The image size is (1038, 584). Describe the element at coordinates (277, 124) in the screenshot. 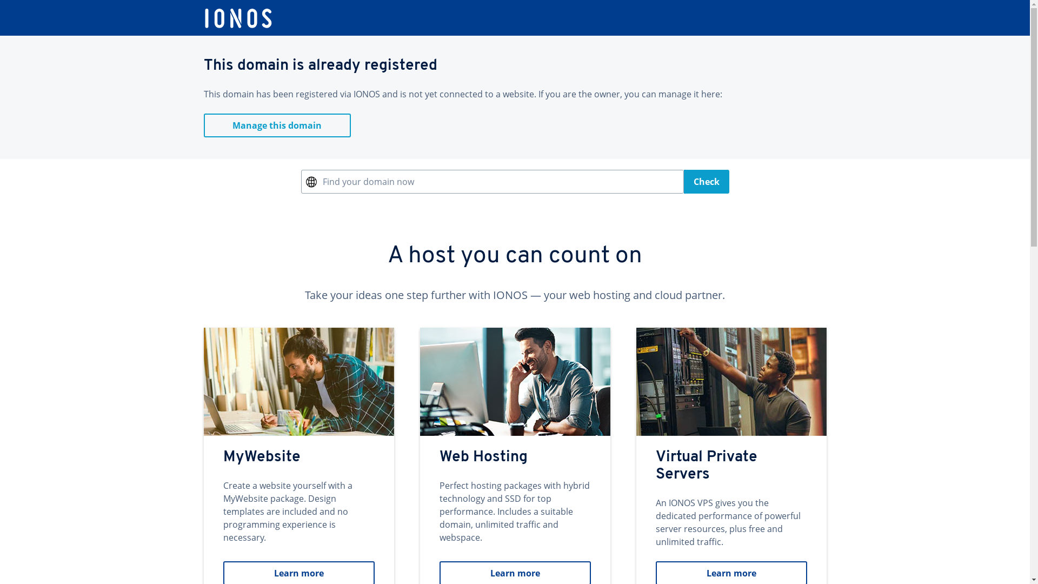

I see `'Manage this domain'` at that location.